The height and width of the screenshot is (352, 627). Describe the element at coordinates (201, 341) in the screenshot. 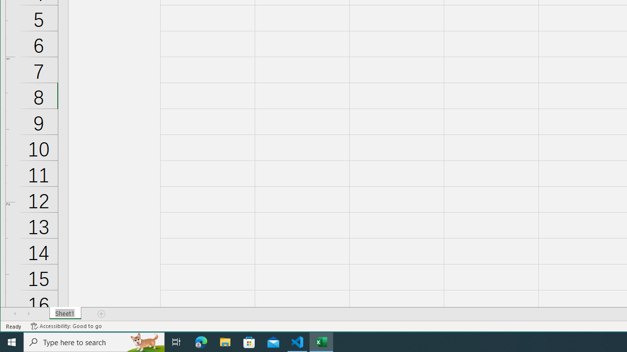

I see `'Microsoft Edge'` at that location.